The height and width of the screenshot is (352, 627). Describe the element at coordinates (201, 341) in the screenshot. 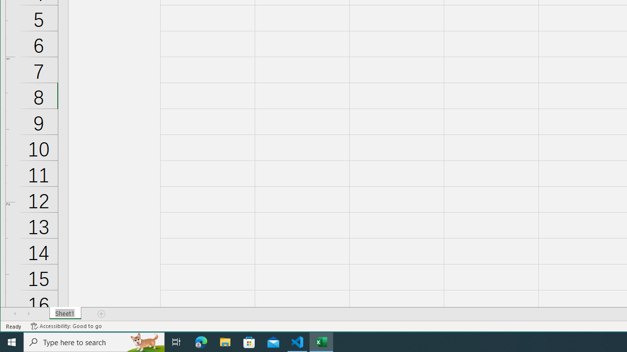

I see `'Microsoft Edge'` at that location.